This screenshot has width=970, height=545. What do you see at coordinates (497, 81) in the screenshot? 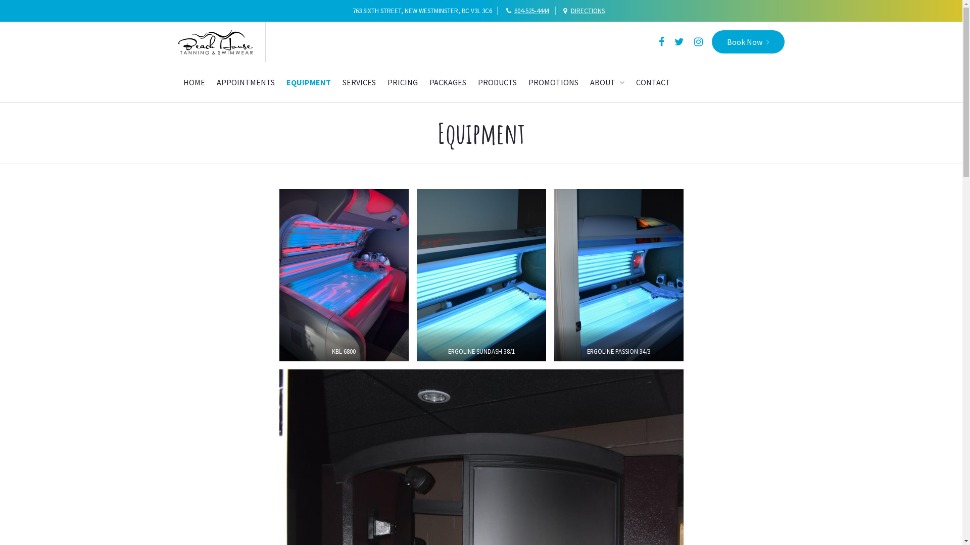
I see `'PRODUCTS'` at bounding box center [497, 81].